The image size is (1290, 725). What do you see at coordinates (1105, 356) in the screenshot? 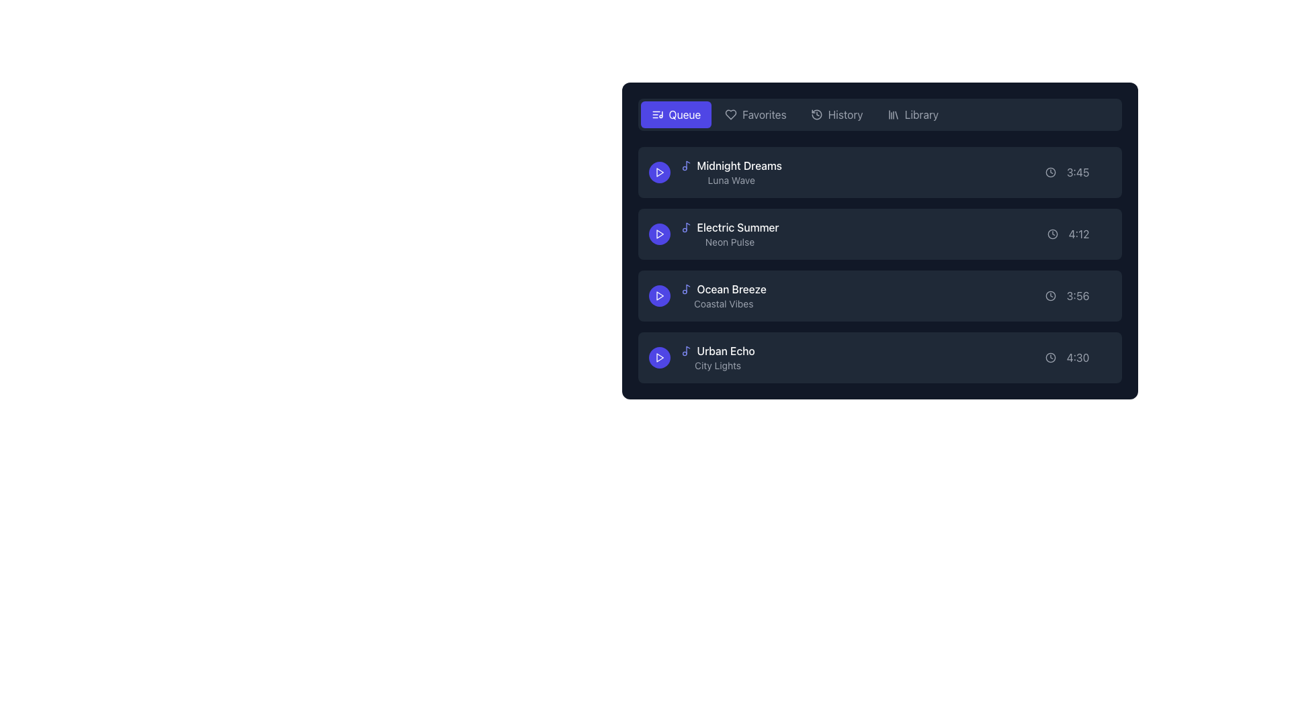
I see `the 'like' or 'favorite' button located at the right end of the row representing the song 'Urban Echo'` at bounding box center [1105, 356].